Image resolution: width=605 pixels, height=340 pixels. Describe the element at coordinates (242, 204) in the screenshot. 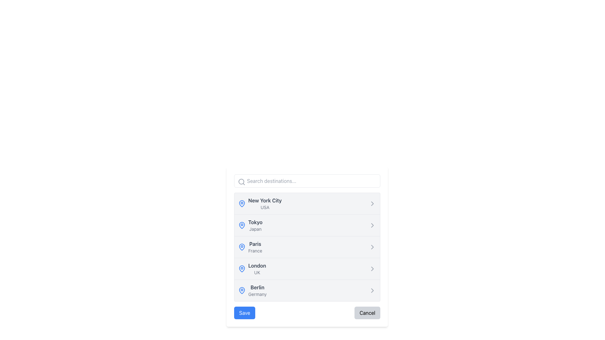

I see `the blue map pin icon with a hollow center, positioned to the left of the text 'New York City USA'` at that location.